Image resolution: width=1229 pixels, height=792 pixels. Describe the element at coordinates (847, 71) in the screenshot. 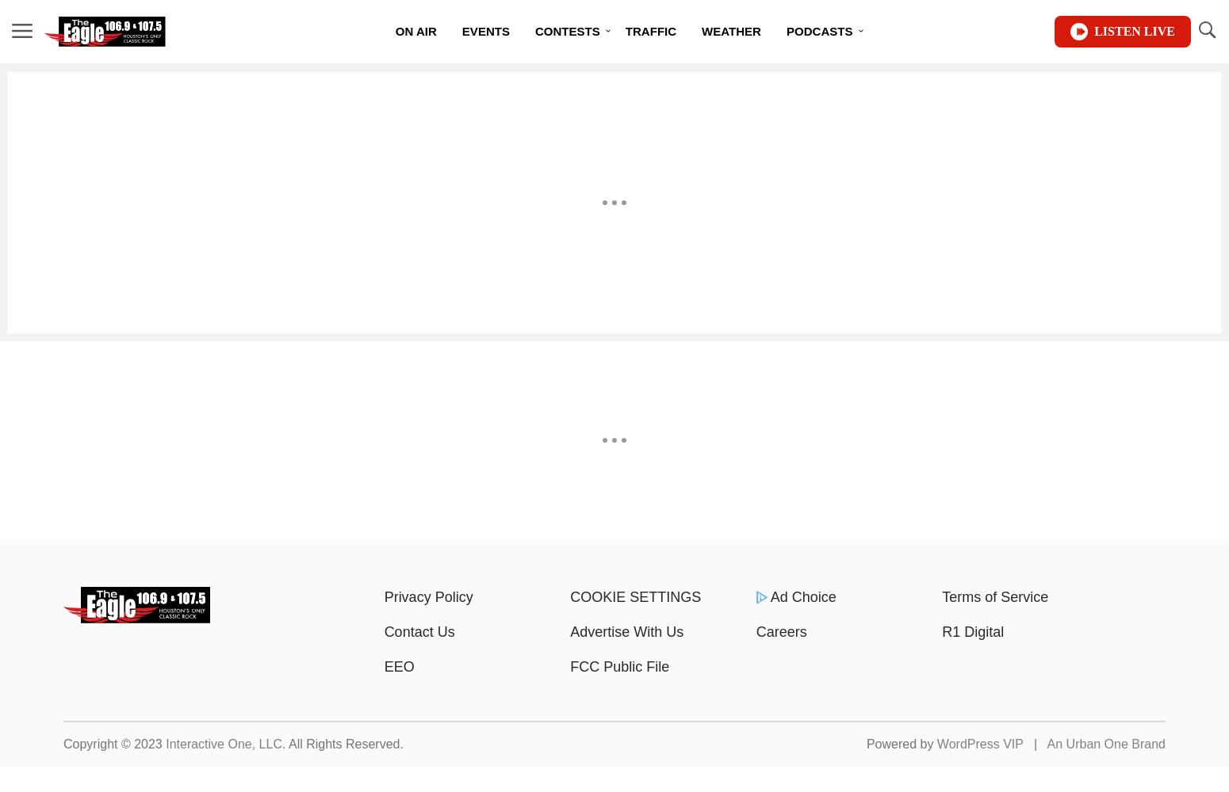

I see `'Dean & Rog Birthday Scams'` at that location.